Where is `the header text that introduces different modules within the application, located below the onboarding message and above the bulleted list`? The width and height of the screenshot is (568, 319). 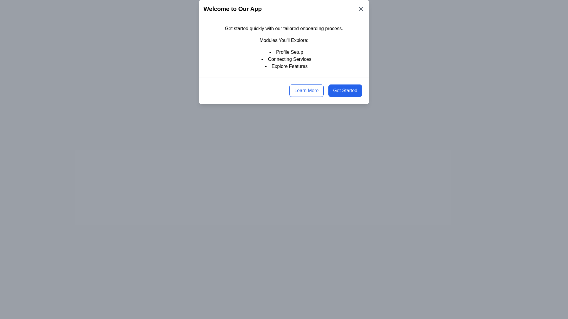
the header text that introduces different modules within the application, located below the onboarding message and above the bulleted list is located at coordinates (284, 40).